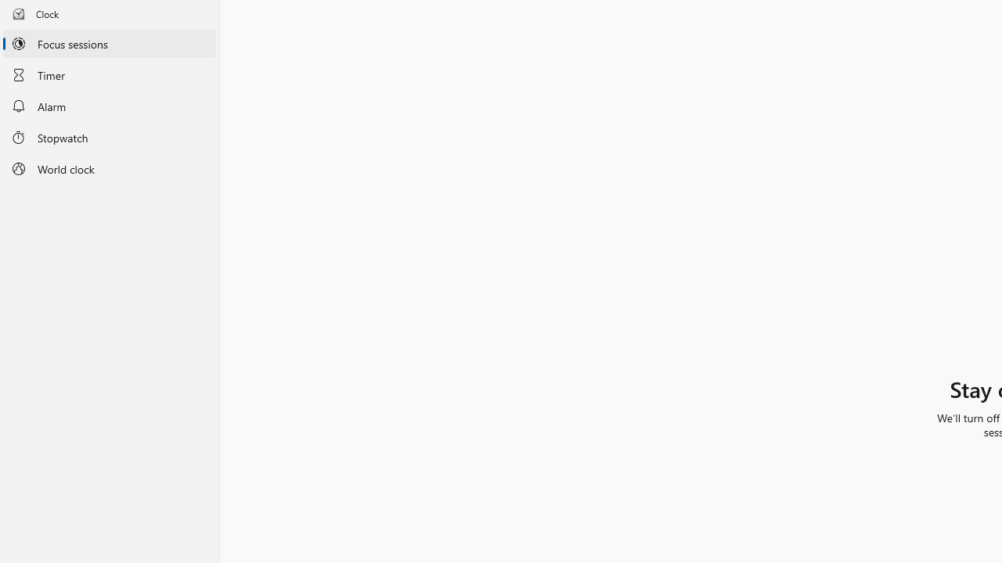  I want to click on 'Focus sessions', so click(109, 43).